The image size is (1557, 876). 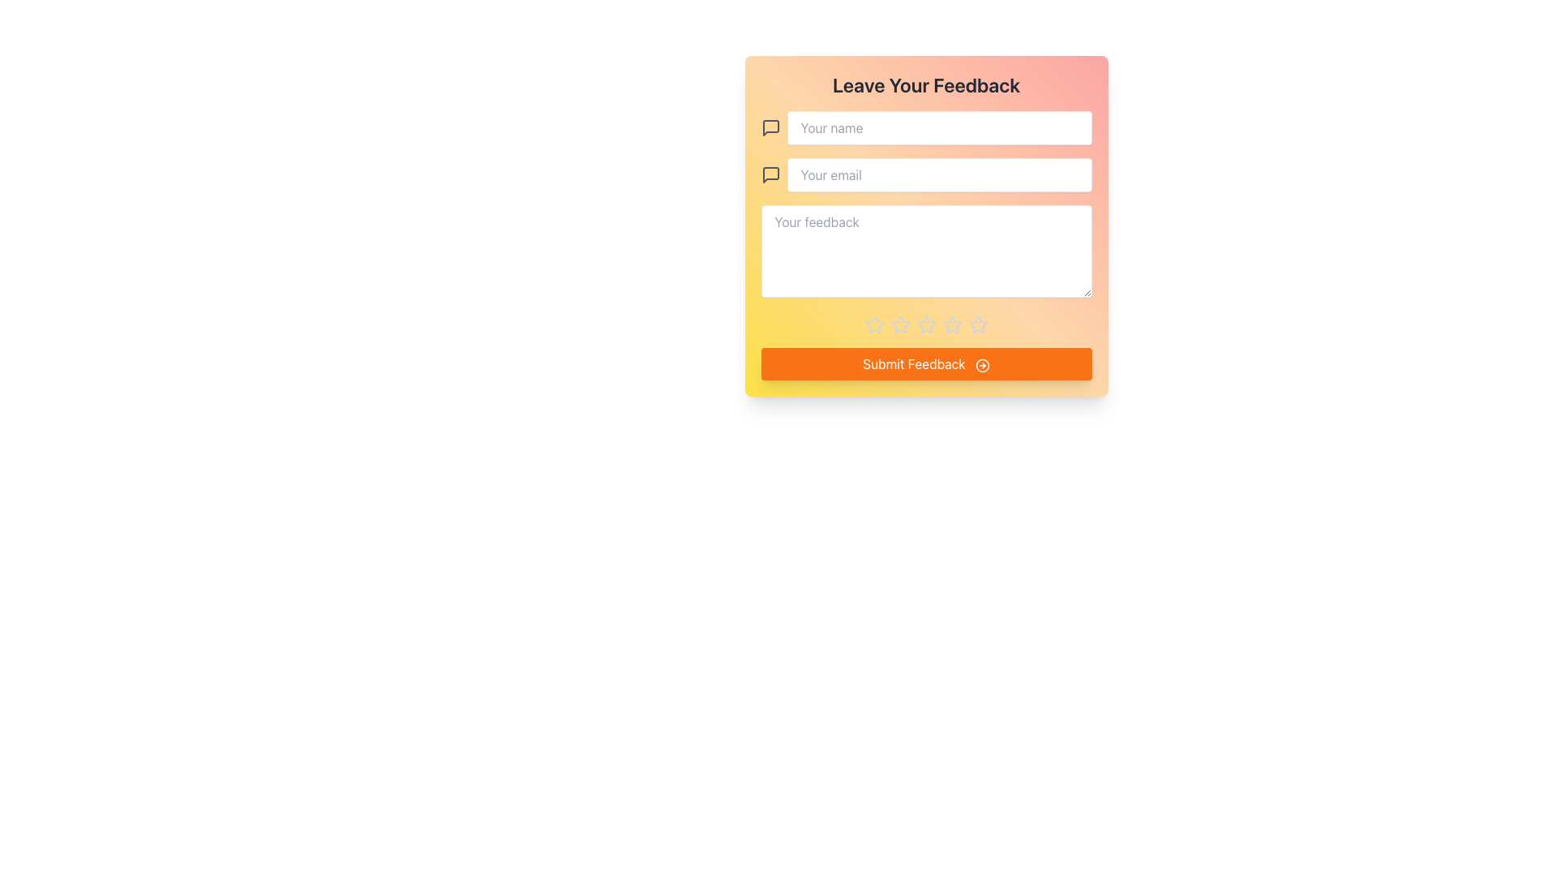 I want to click on the first star-shaped icon, so click(x=899, y=324).